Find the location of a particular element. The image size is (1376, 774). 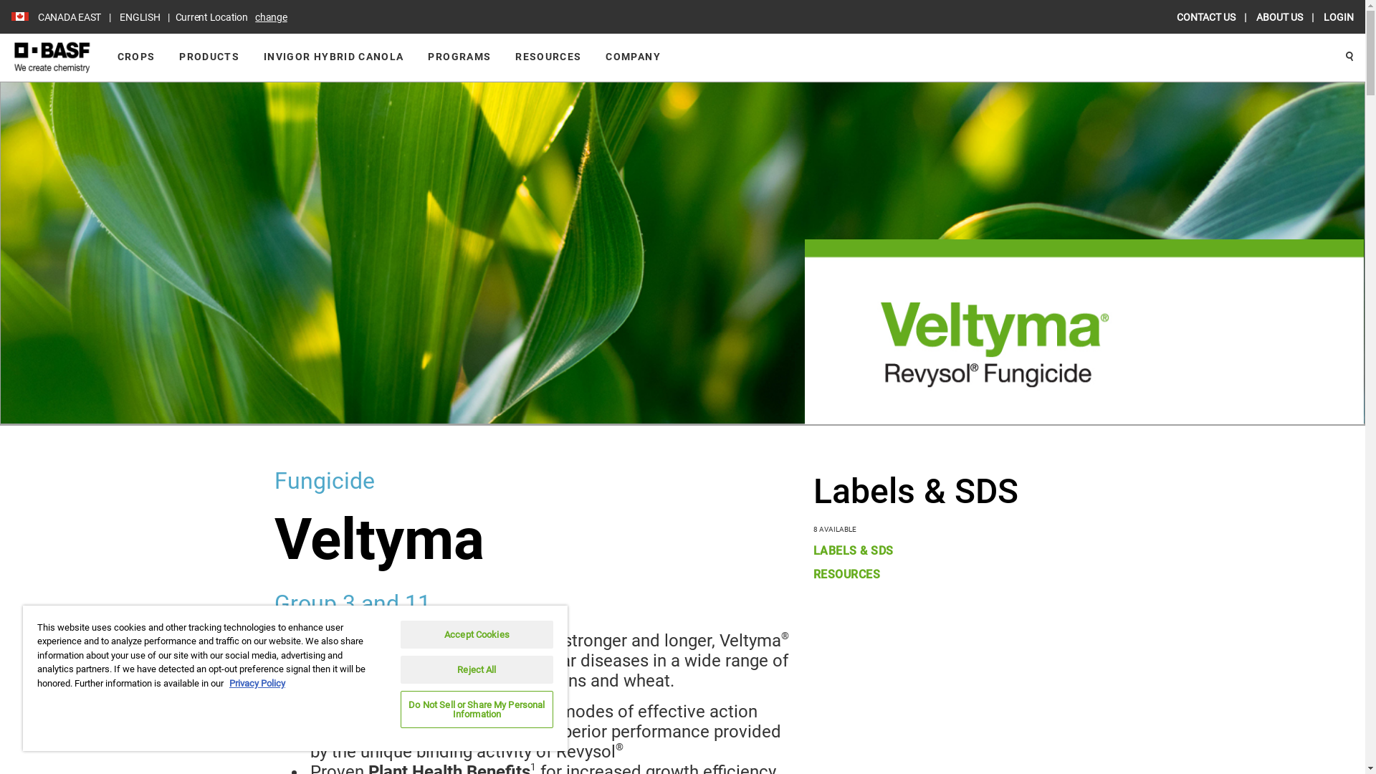

'Search' is located at coordinates (1333, 57).